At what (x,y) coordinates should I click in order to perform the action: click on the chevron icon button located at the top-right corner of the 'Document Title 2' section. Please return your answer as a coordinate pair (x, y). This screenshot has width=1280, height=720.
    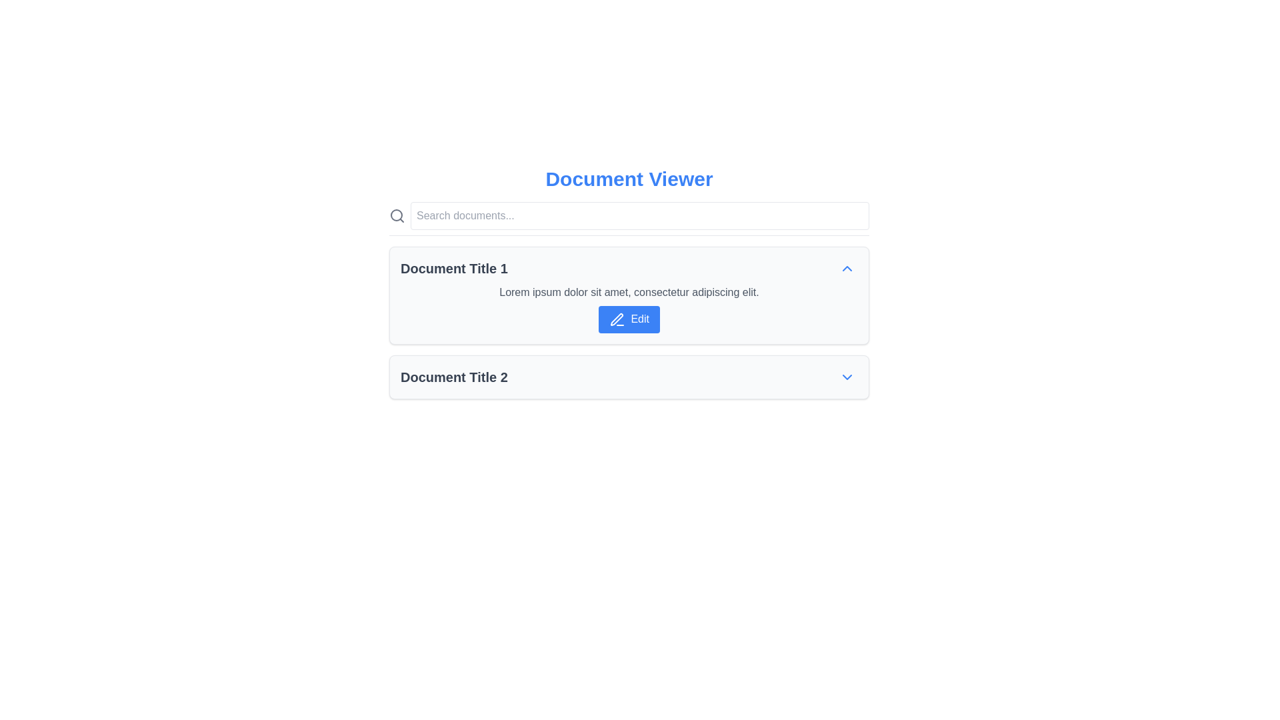
    Looking at the image, I should click on (847, 376).